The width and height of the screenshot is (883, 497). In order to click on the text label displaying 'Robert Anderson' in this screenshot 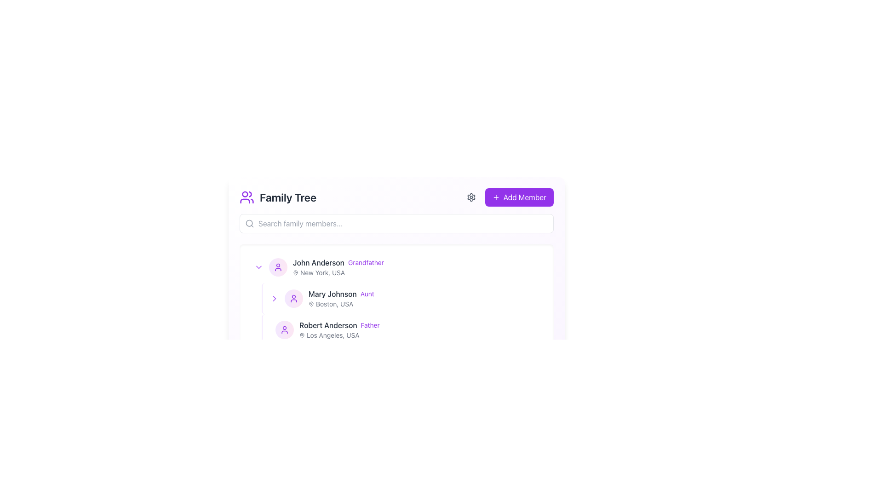, I will do `click(328, 324)`.